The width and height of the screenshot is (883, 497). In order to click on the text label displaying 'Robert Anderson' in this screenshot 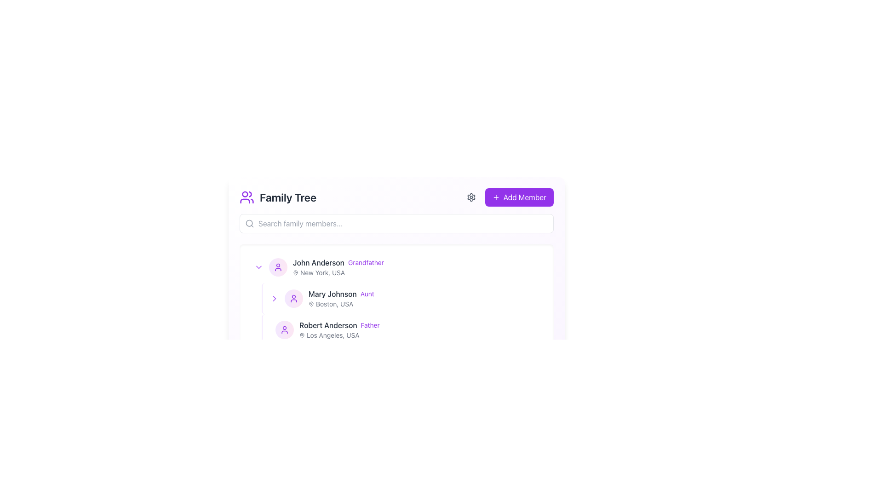, I will do `click(328, 324)`.